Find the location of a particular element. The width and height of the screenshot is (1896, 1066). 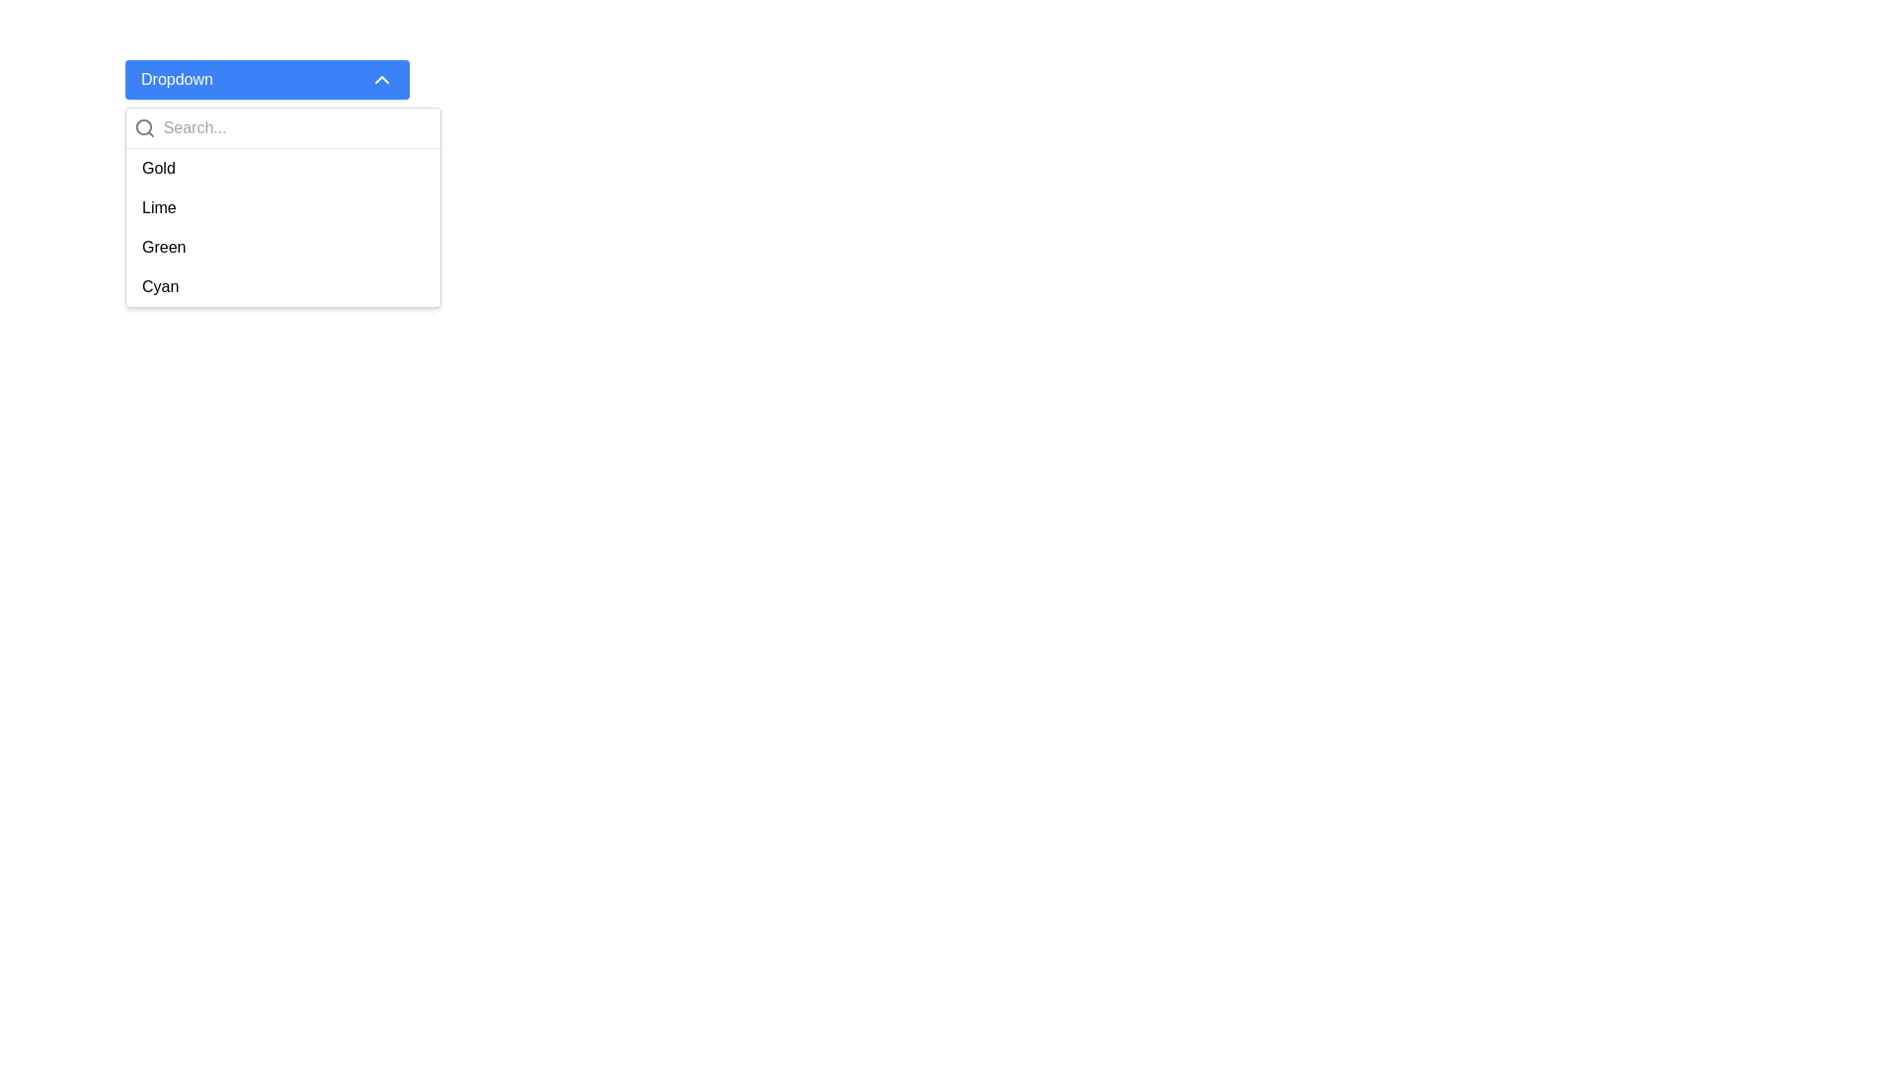

the textual label located in the top-left section of the blue button that serves as the title for the dropdown menu is located at coordinates (177, 79).